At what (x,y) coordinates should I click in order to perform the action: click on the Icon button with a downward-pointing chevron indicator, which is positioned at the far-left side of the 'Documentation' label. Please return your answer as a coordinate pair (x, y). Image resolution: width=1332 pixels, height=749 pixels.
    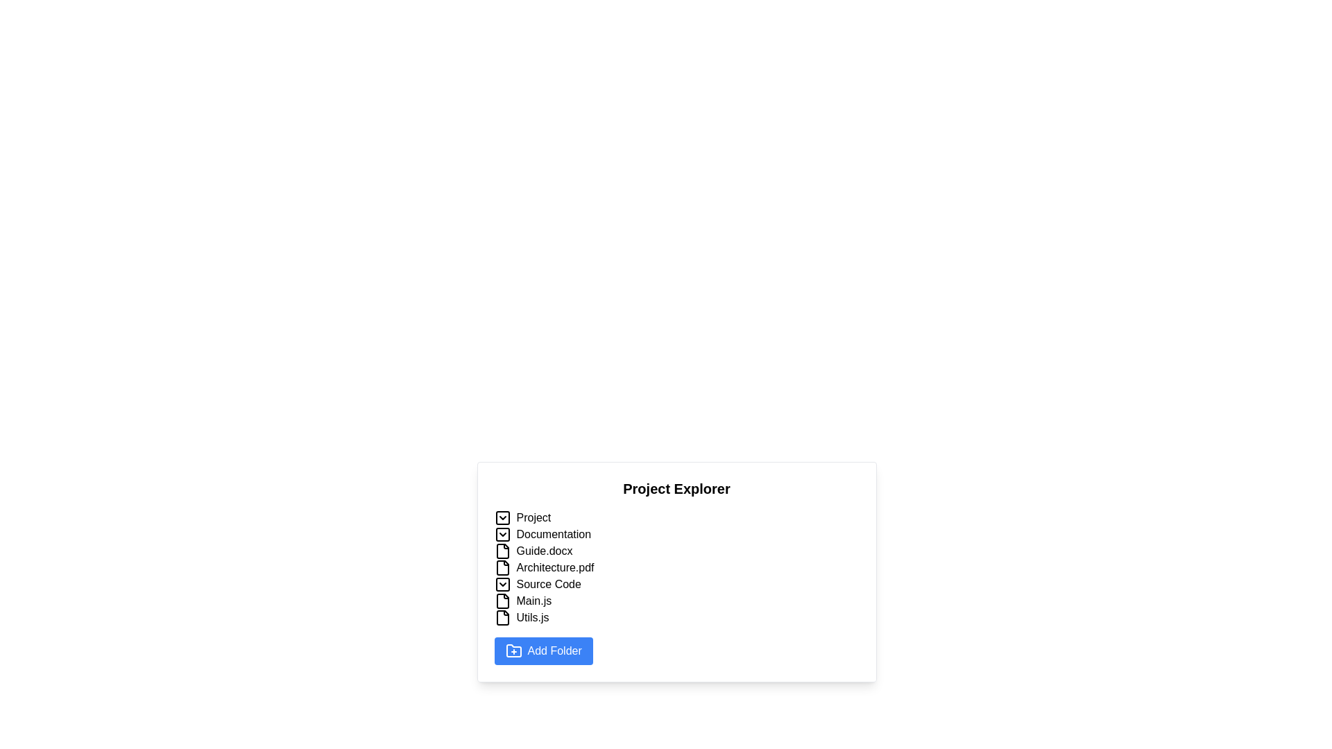
    Looking at the image, I should click on (502, 534).